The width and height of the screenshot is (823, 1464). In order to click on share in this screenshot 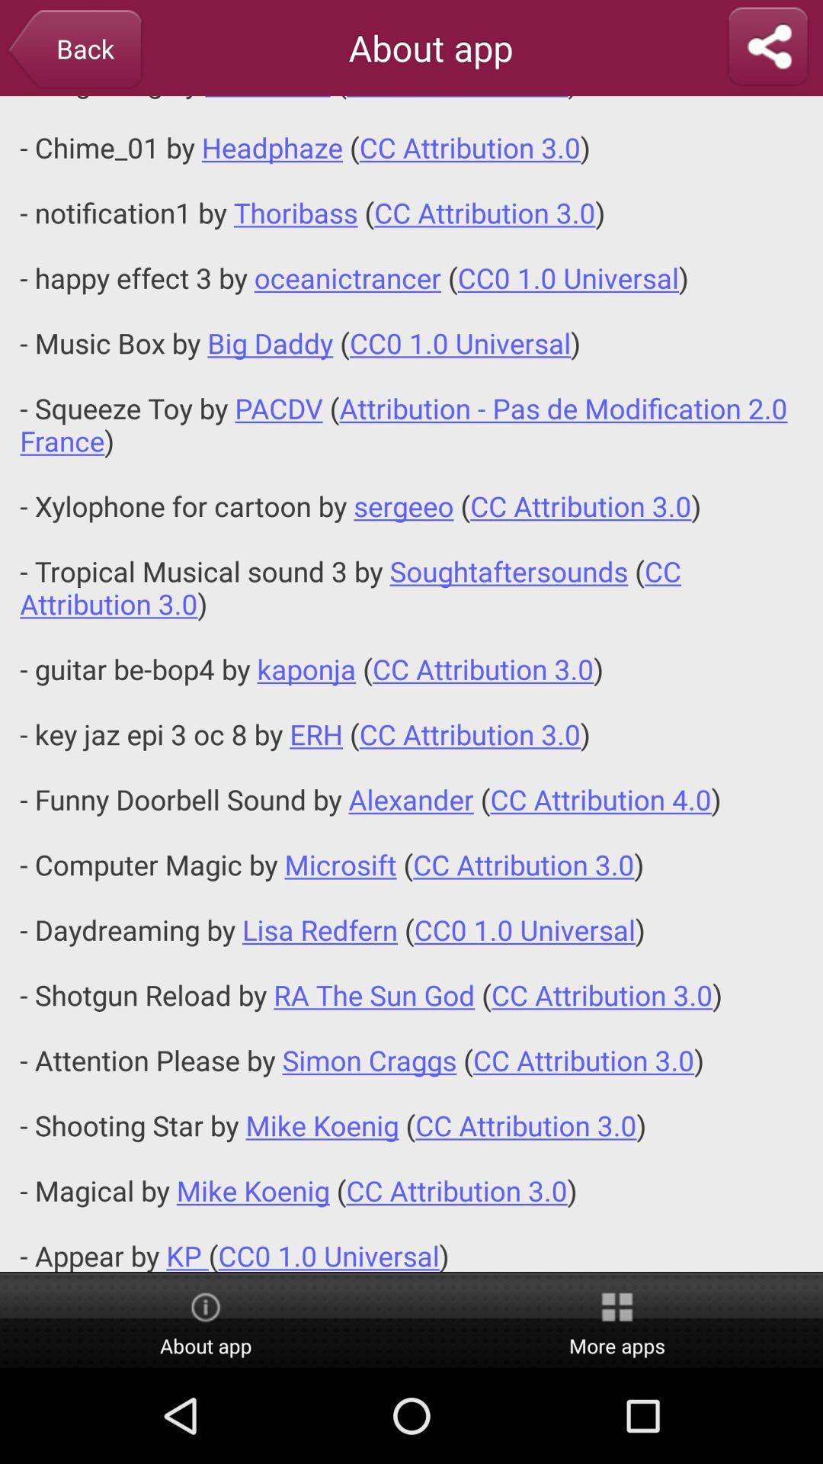, I will do `click(767, 47)`.